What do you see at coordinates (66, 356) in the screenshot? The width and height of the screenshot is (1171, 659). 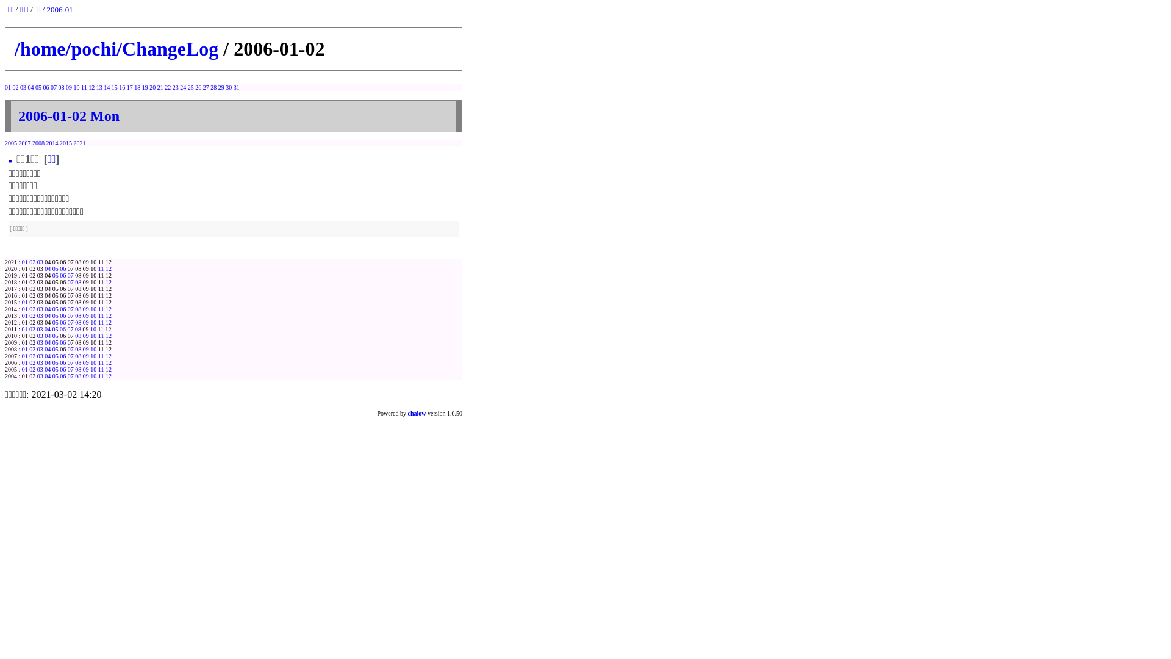 I see `'07'` at bounding box center [66, 356].